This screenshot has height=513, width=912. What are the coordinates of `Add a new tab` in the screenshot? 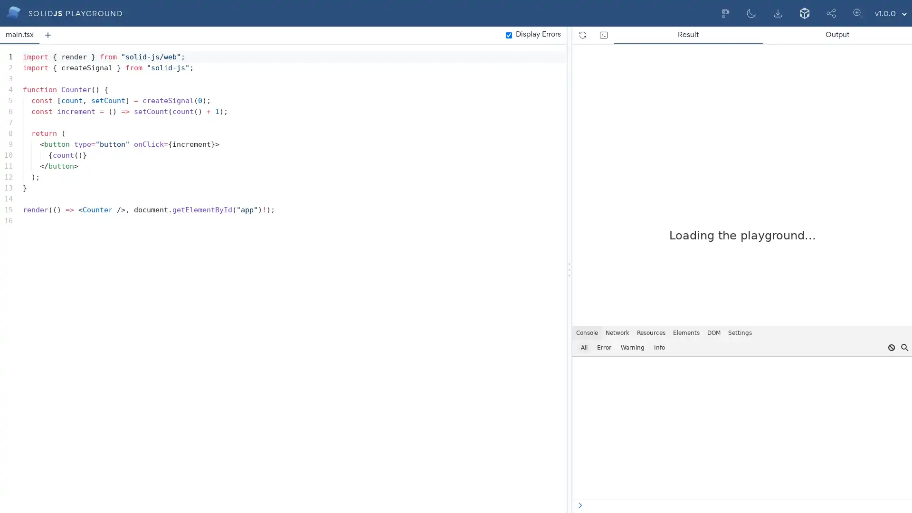 It's located at (47, 34).